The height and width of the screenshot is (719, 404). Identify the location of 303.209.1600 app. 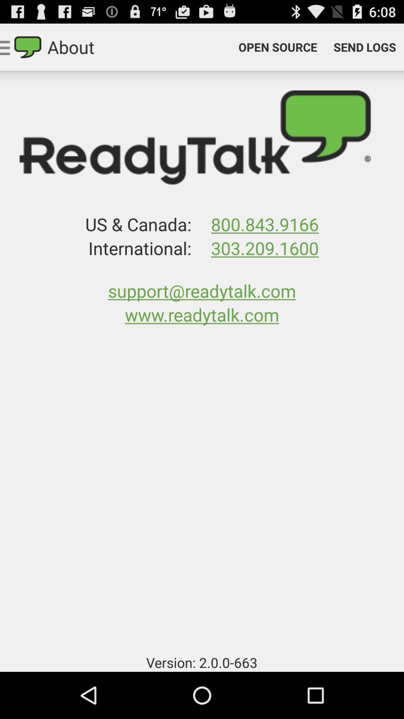
(264, 248).